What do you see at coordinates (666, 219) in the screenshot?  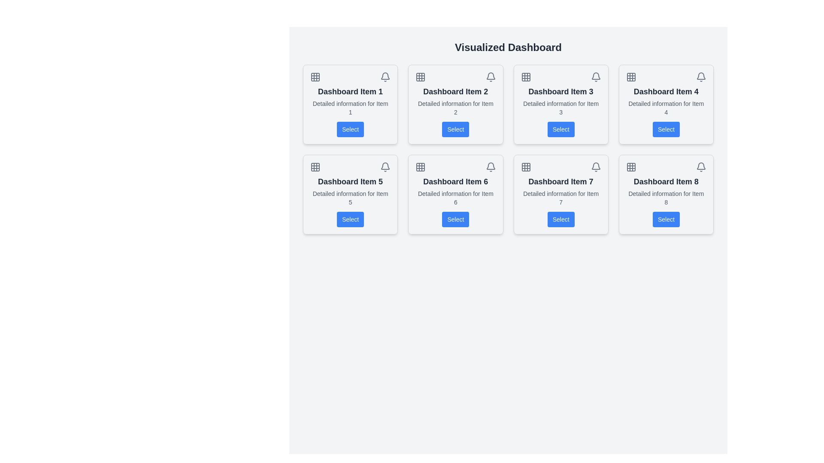 I see `the blue rectangular button labeled 'Select' in white text, which is located in the bottom right corner of the card labeled 'Dashboard Item 8'` at bounding box center [666, 219].